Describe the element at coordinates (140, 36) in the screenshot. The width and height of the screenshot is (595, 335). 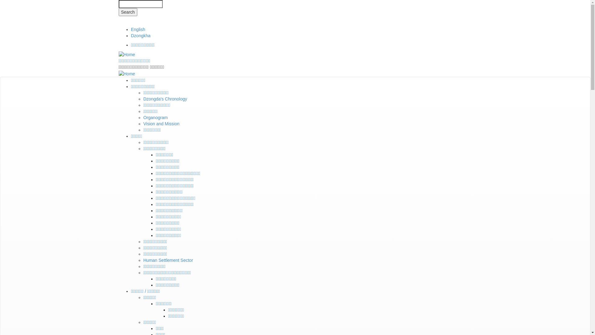
I see `'Dzongkha'` at that location.